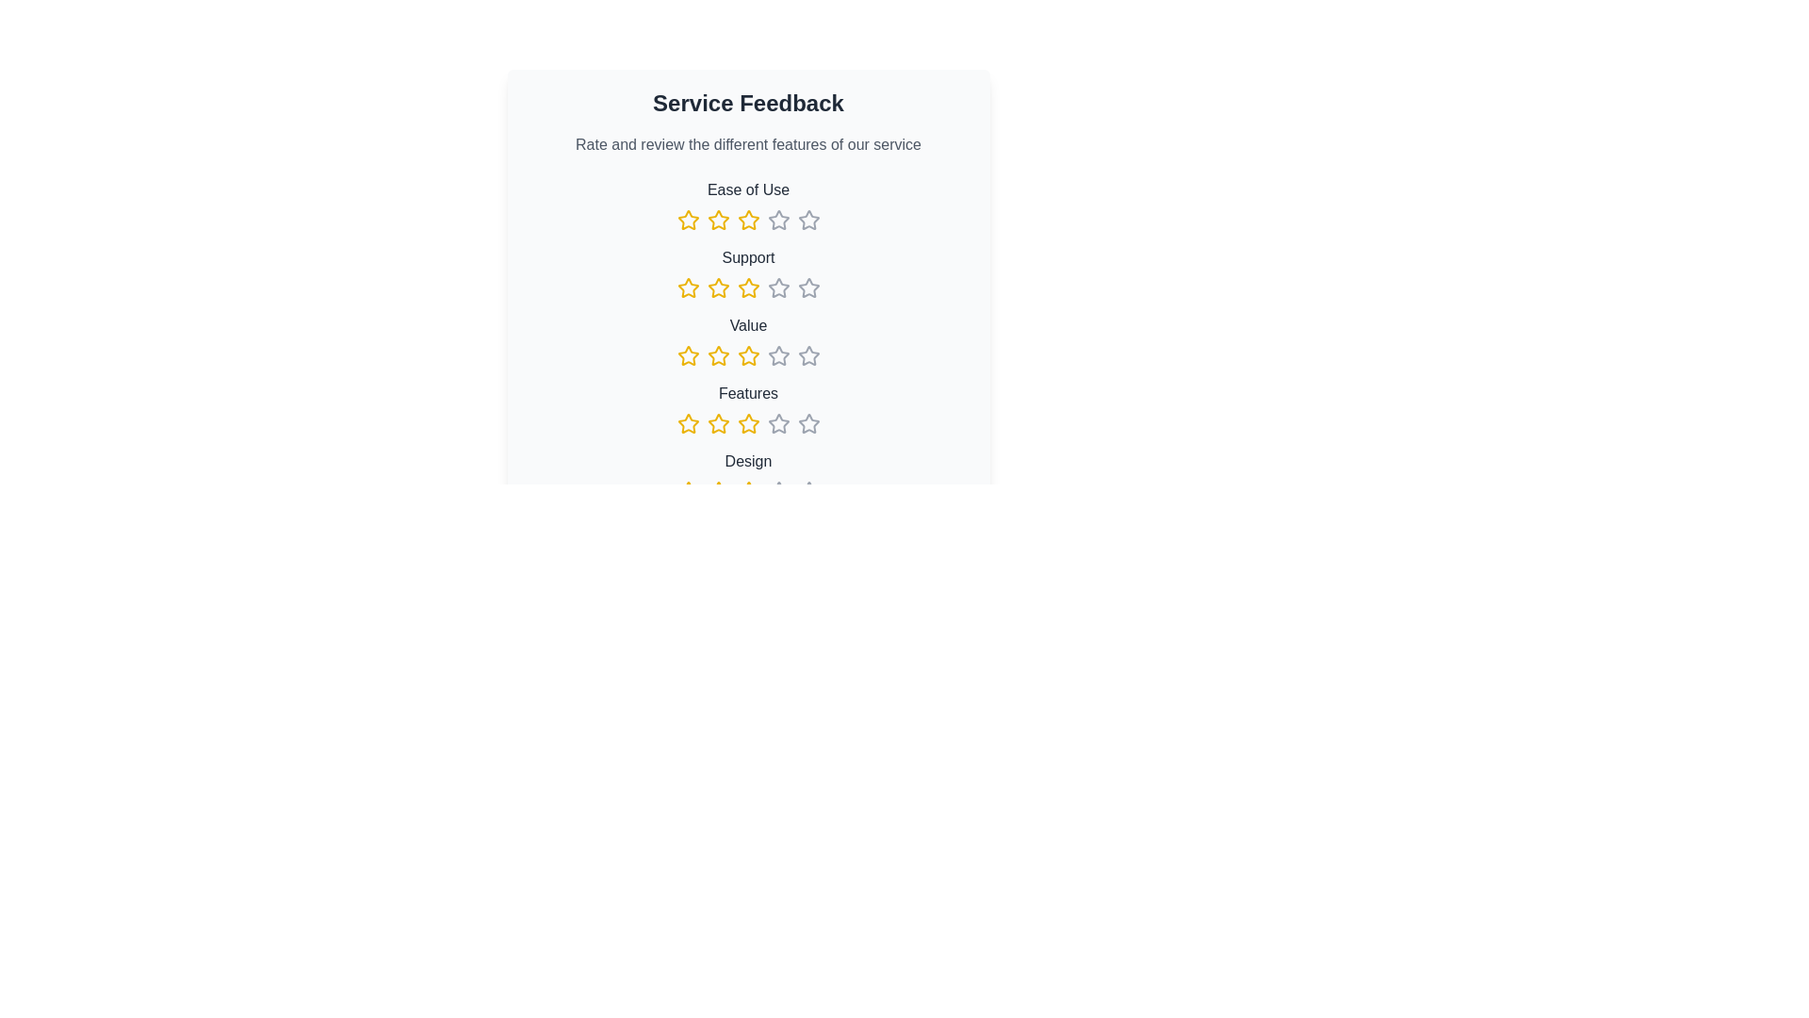 This screenshot has height=1018, width=1809. Describe the element at coordinates (747, 422) in the screenshot. I see `the third star icon with a yellow outline in the 'Features' category of the feedback form` at that location.